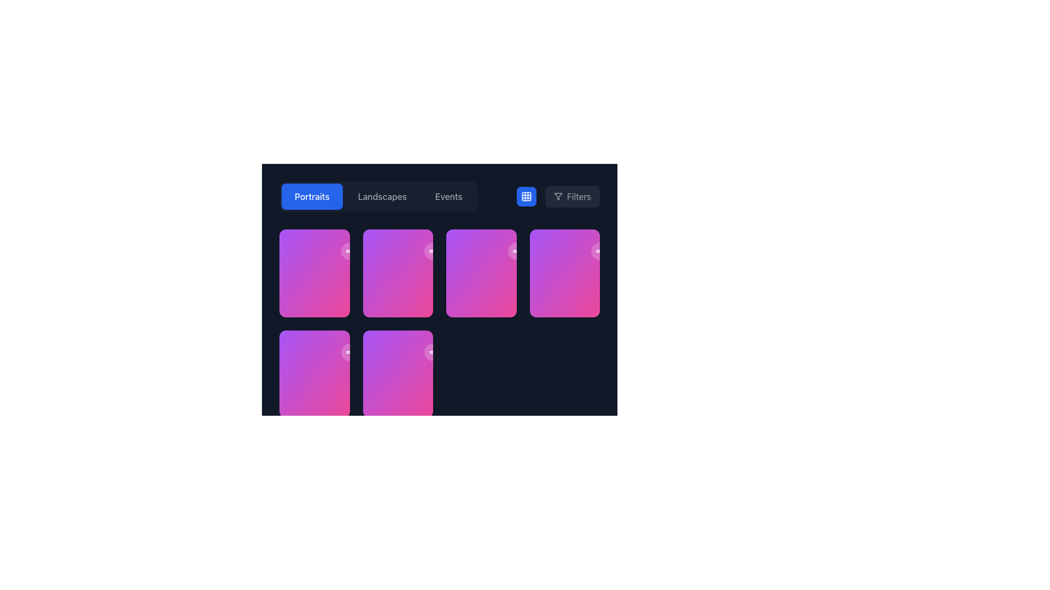 The width and height of the screenshot is (1050, 590). Describe the element at coordinates (481, 273) in the screenshot. I see `the vibrant gradient card labeled 'Fashion Editorial' located in the second row and fourth column of the grid layout` at that location.